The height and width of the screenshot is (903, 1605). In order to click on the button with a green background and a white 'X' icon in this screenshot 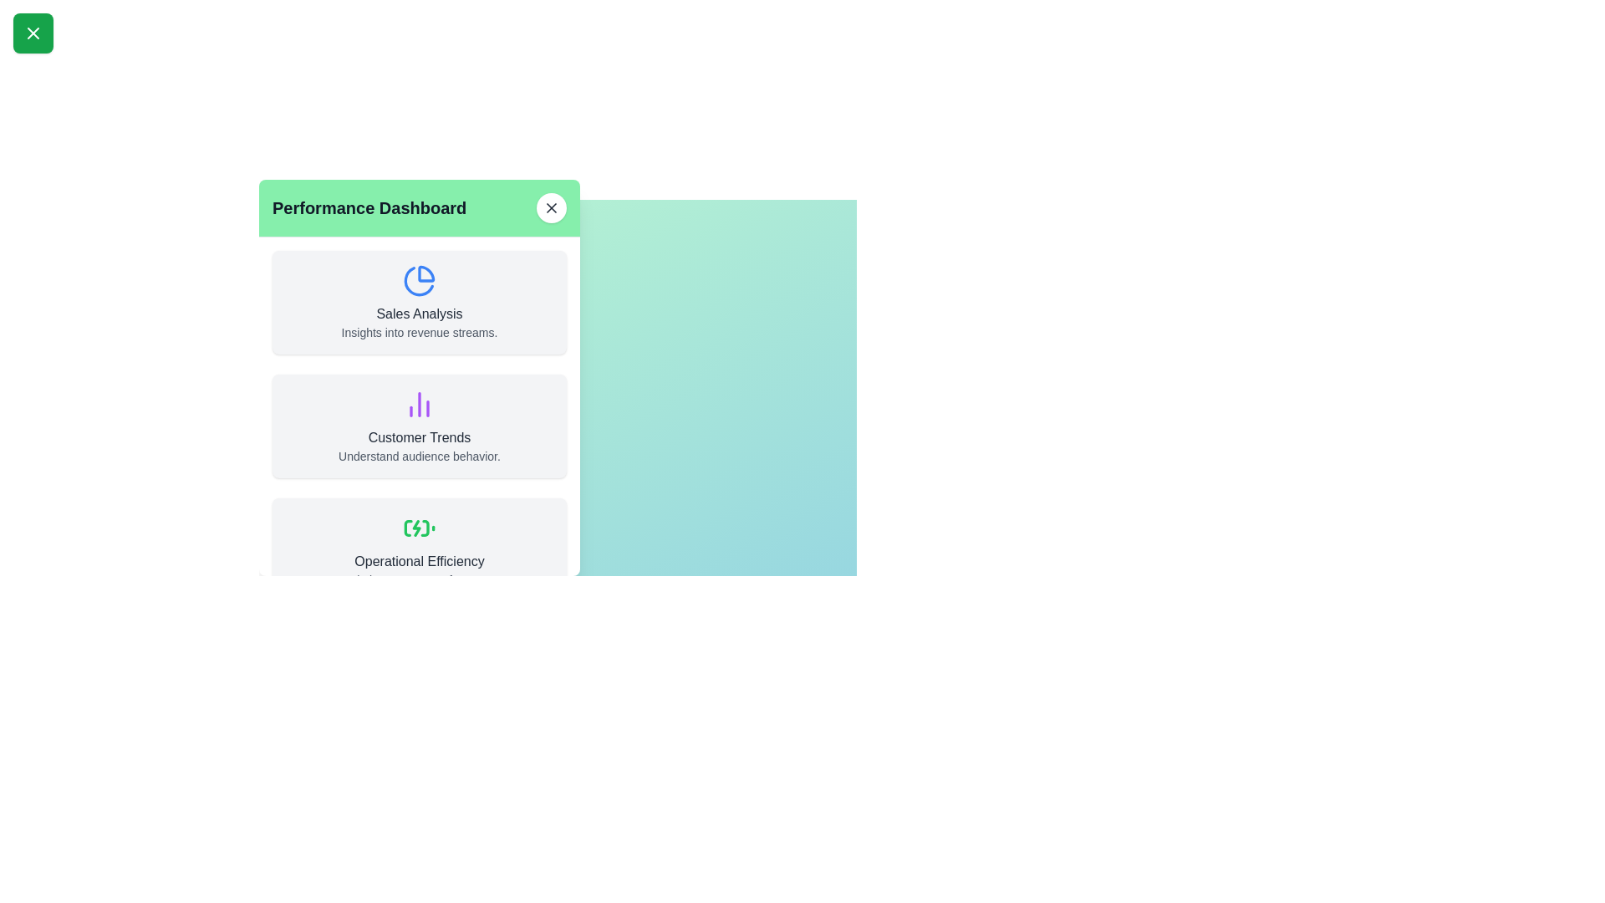, I will do `click(33, 33)`.